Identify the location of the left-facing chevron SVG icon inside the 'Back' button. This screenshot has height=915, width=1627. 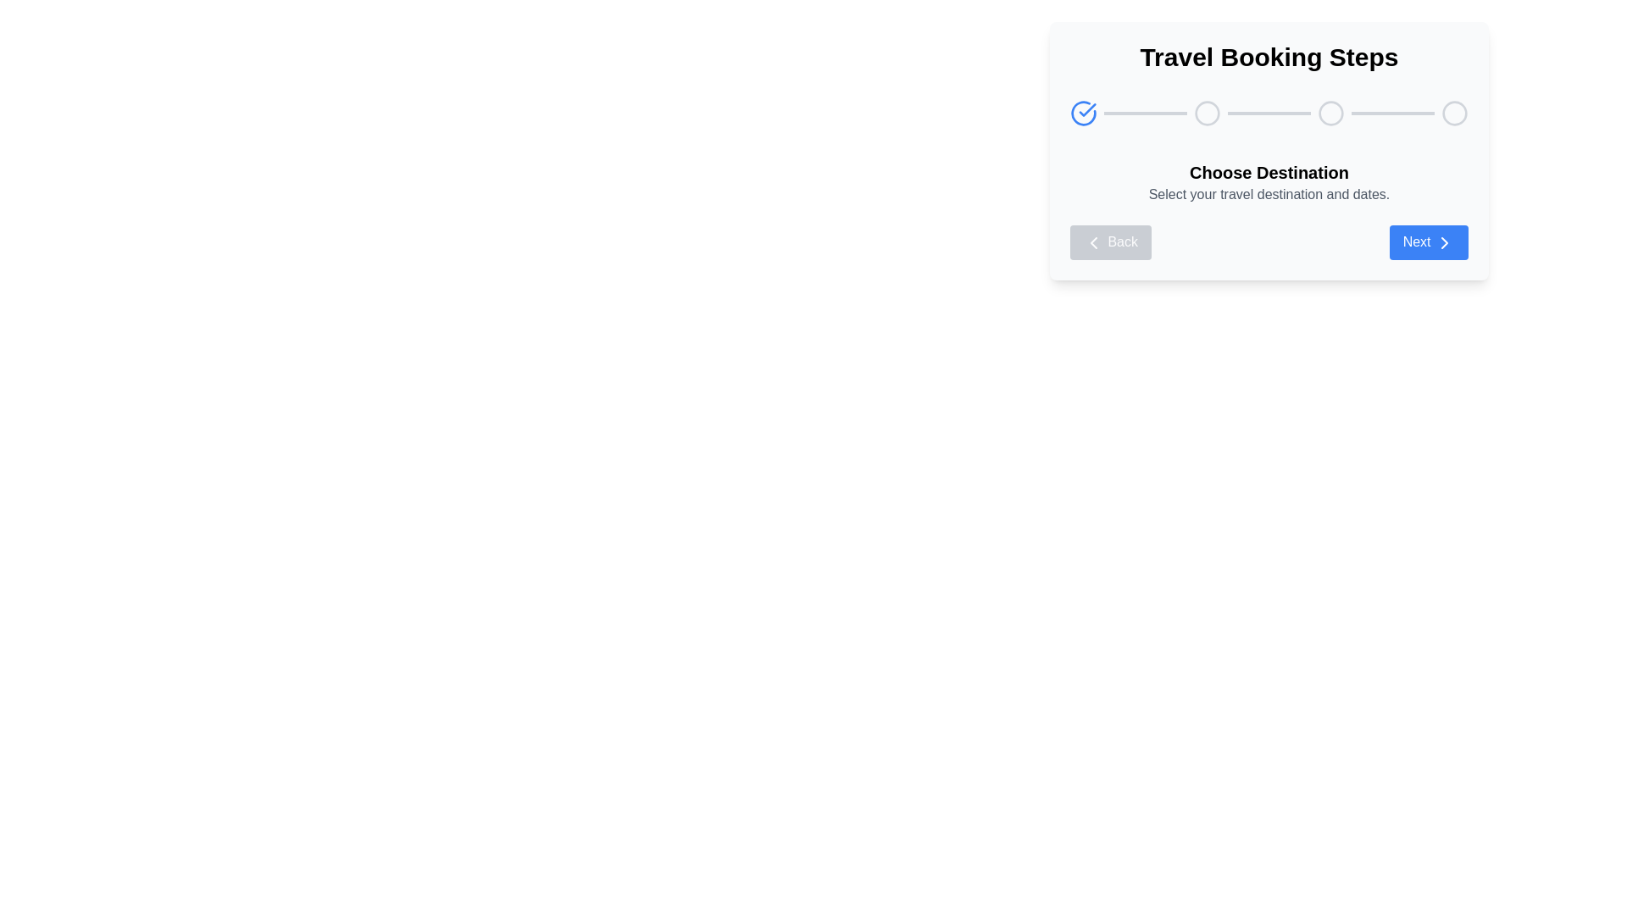
(1094, 241).